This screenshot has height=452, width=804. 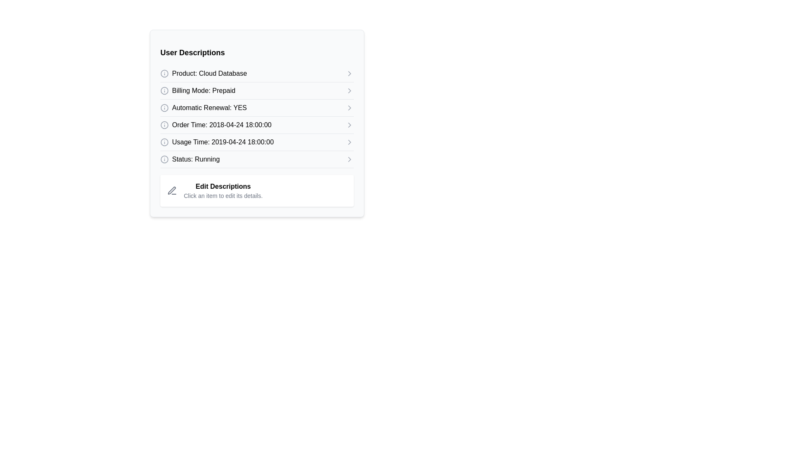 What do you see at coordinates (223, 195) in the screenshot?
I see `the gray instructional text 'Click an item to edit its details.' located below the bold header 'Edit Descriptions' in the lower section of the information panel` at bounding box center [223, 195].